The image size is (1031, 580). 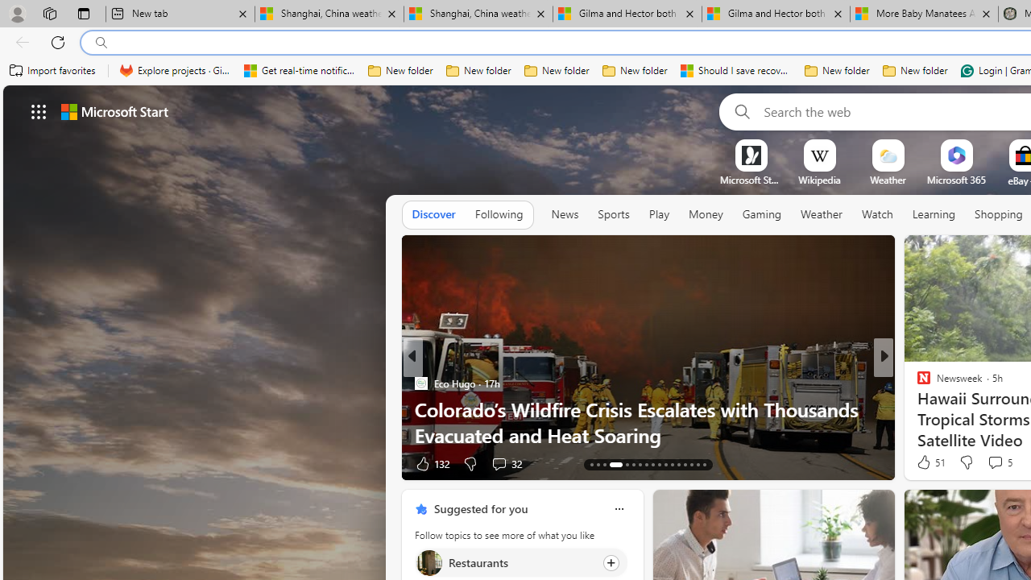 What do you see at coordinates (989, 463) in the screenshot?
I see `'View comments 3 Comment'` at bounding box center [989, 463].